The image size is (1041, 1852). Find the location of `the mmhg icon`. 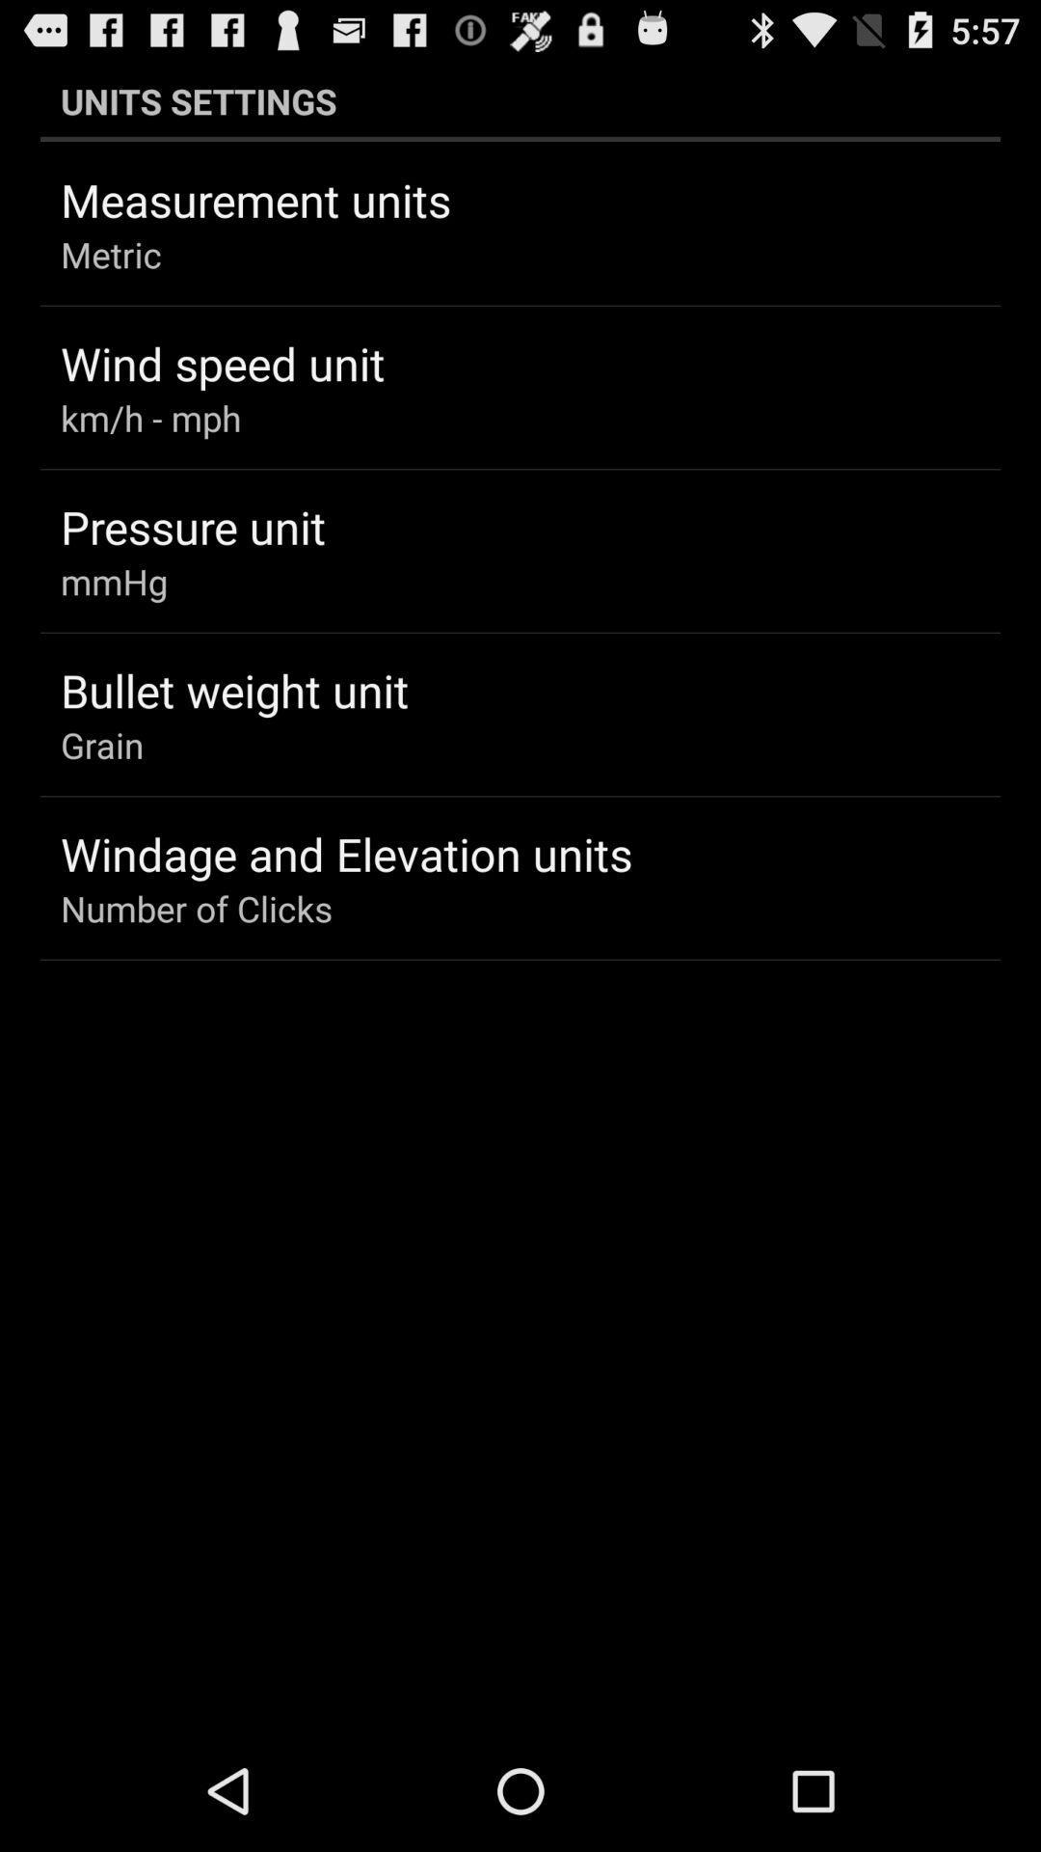

the mmhg icon is located at coordinates (114, 581).